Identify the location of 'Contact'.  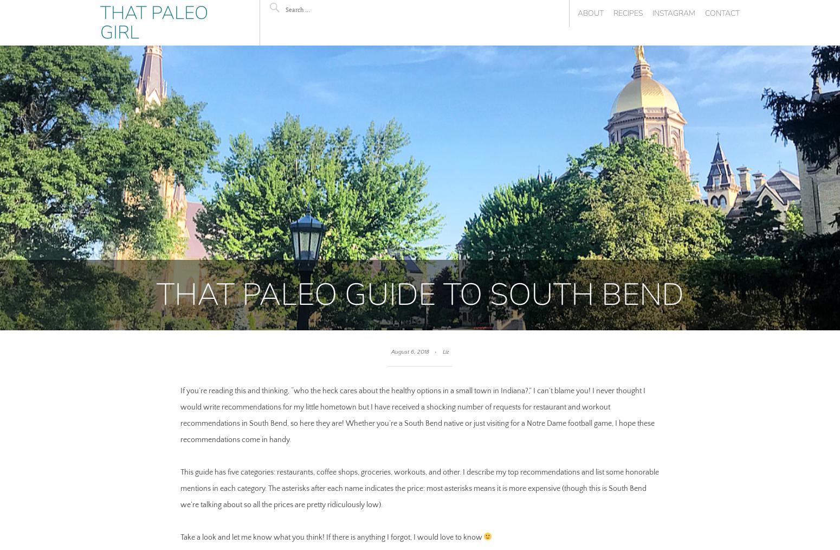
(722, 12).